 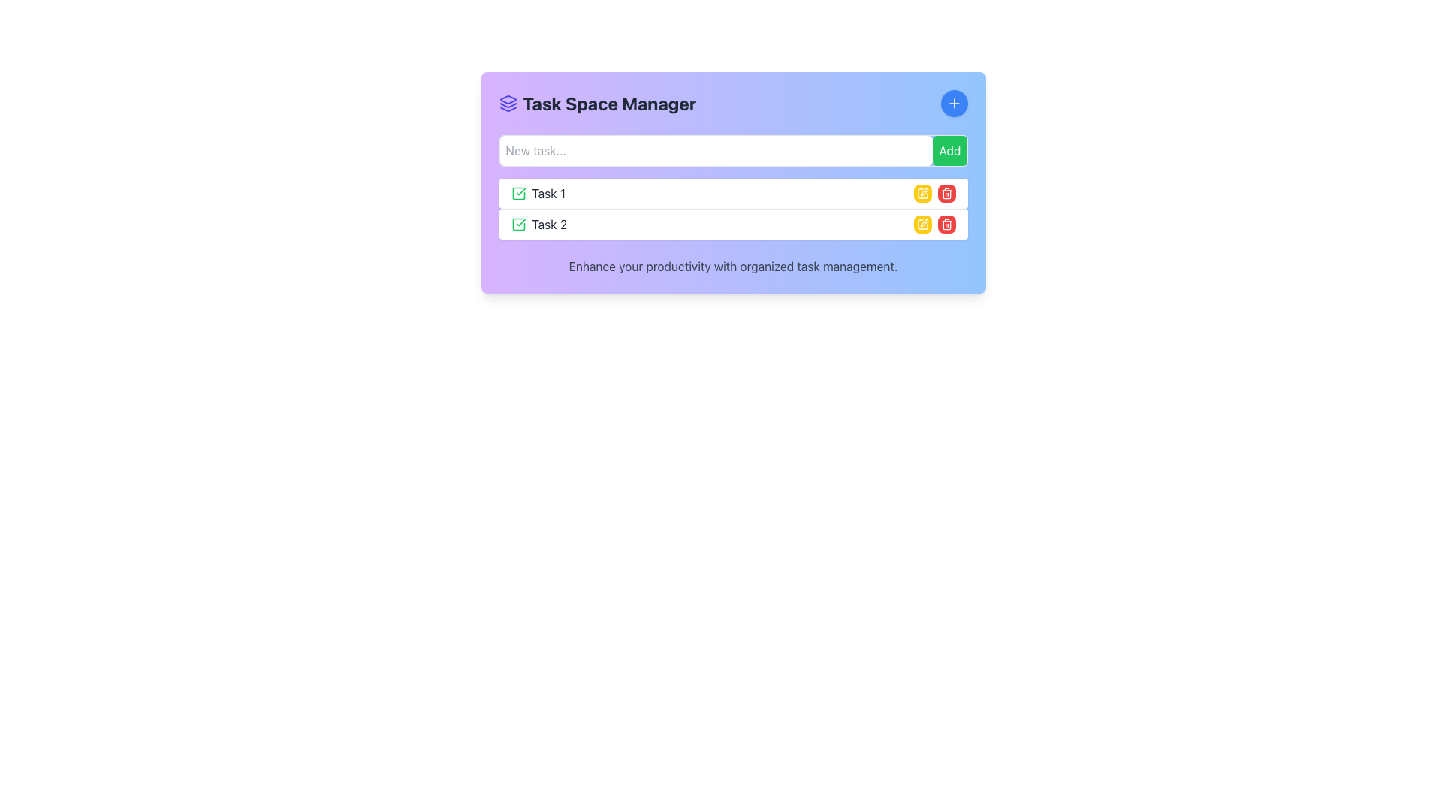 What do you see at coordinates (922, 193) in the screenshot?
I see `the small yellow button with a pen icon located in the second task row of the task management interface` at bounding box center [922, 193].